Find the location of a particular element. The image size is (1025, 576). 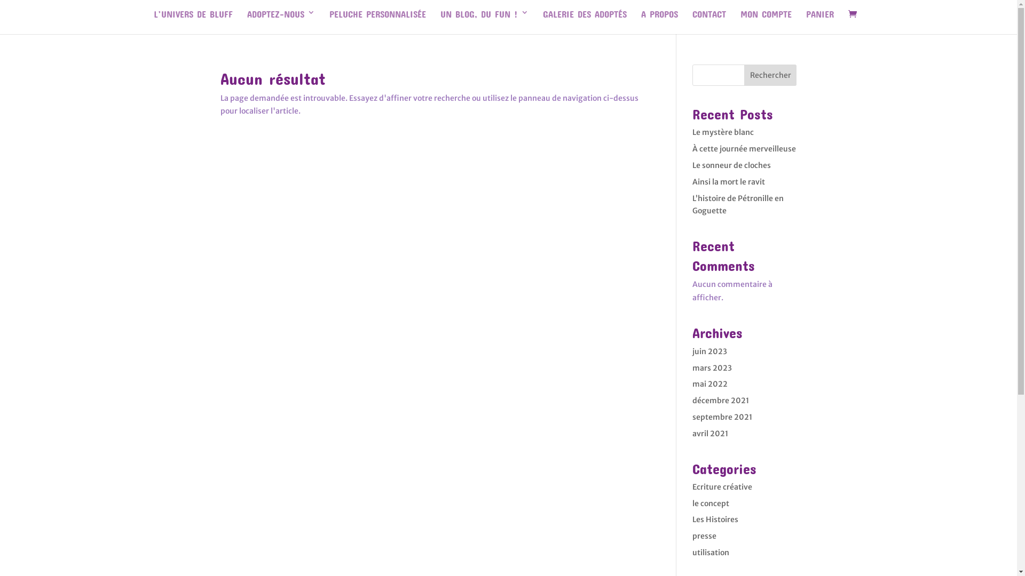

'septembre 2021' is located at coordinates (722, 417).